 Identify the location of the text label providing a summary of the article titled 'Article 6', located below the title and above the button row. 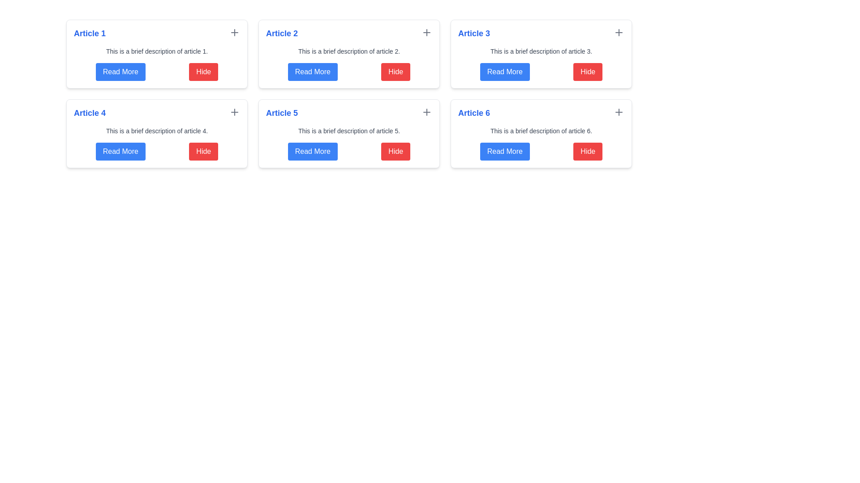
(541, 131).